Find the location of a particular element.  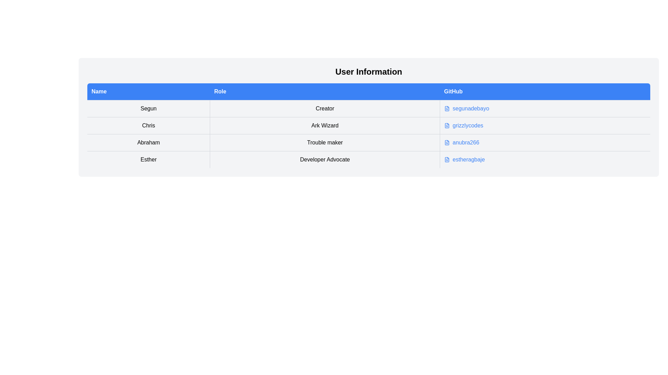

the text label that represents the role or position associated with the user, located in the fourth row under the 'Role' column of the 'User Information' table, positioned between 'Esther' and 'estheragbaje' is located at coordinates (325, 159).